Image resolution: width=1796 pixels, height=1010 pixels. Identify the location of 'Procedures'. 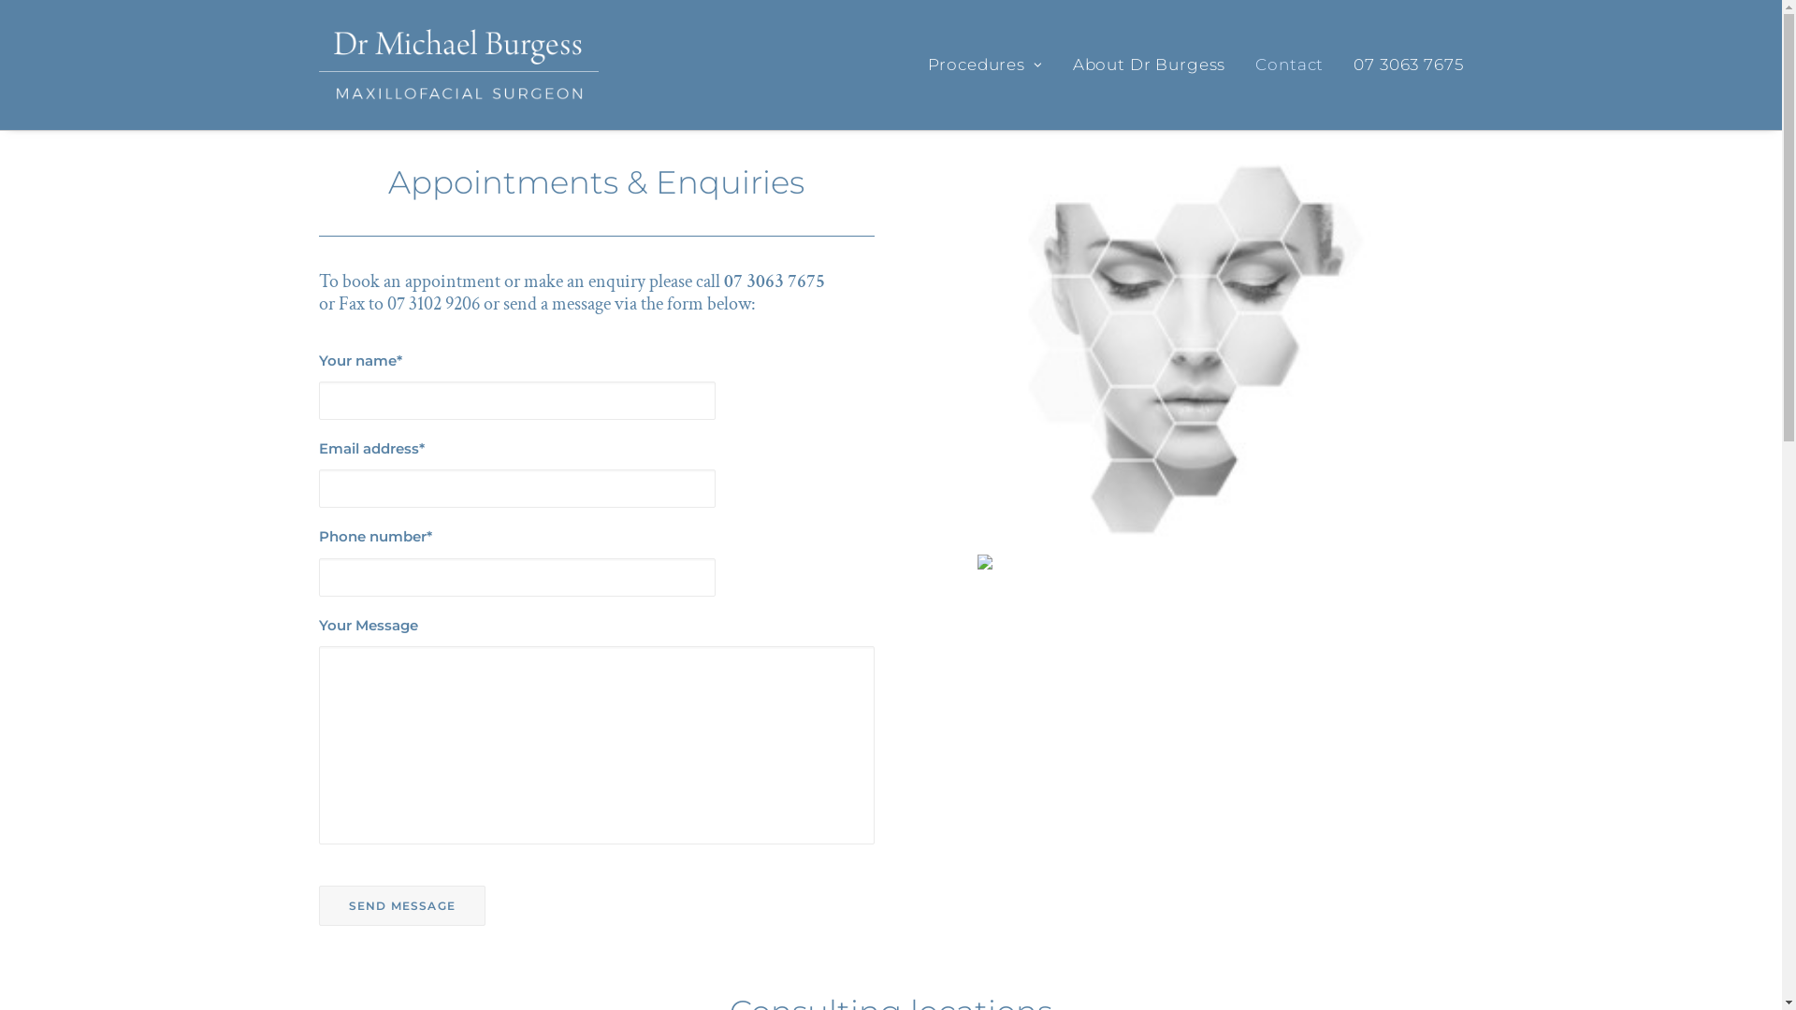
(991, 64).